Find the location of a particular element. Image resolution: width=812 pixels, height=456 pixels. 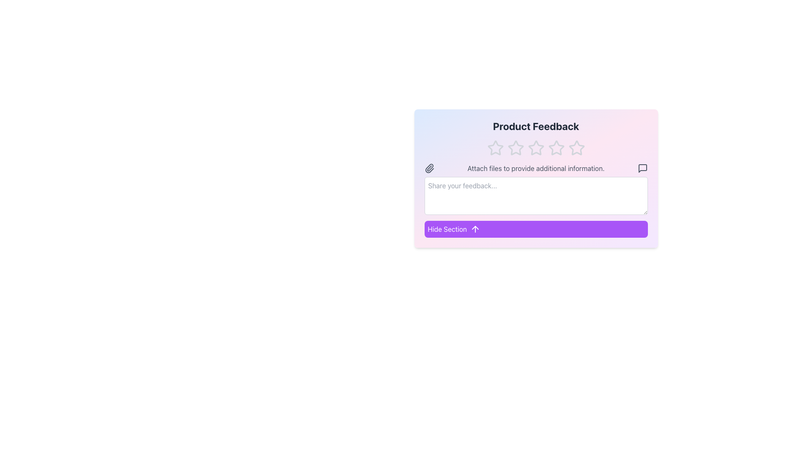

the paperclip icon, which is a small grayish icon located to the left of the text 'Attach files to provide additional information.' is located at coordinates (429, 168).